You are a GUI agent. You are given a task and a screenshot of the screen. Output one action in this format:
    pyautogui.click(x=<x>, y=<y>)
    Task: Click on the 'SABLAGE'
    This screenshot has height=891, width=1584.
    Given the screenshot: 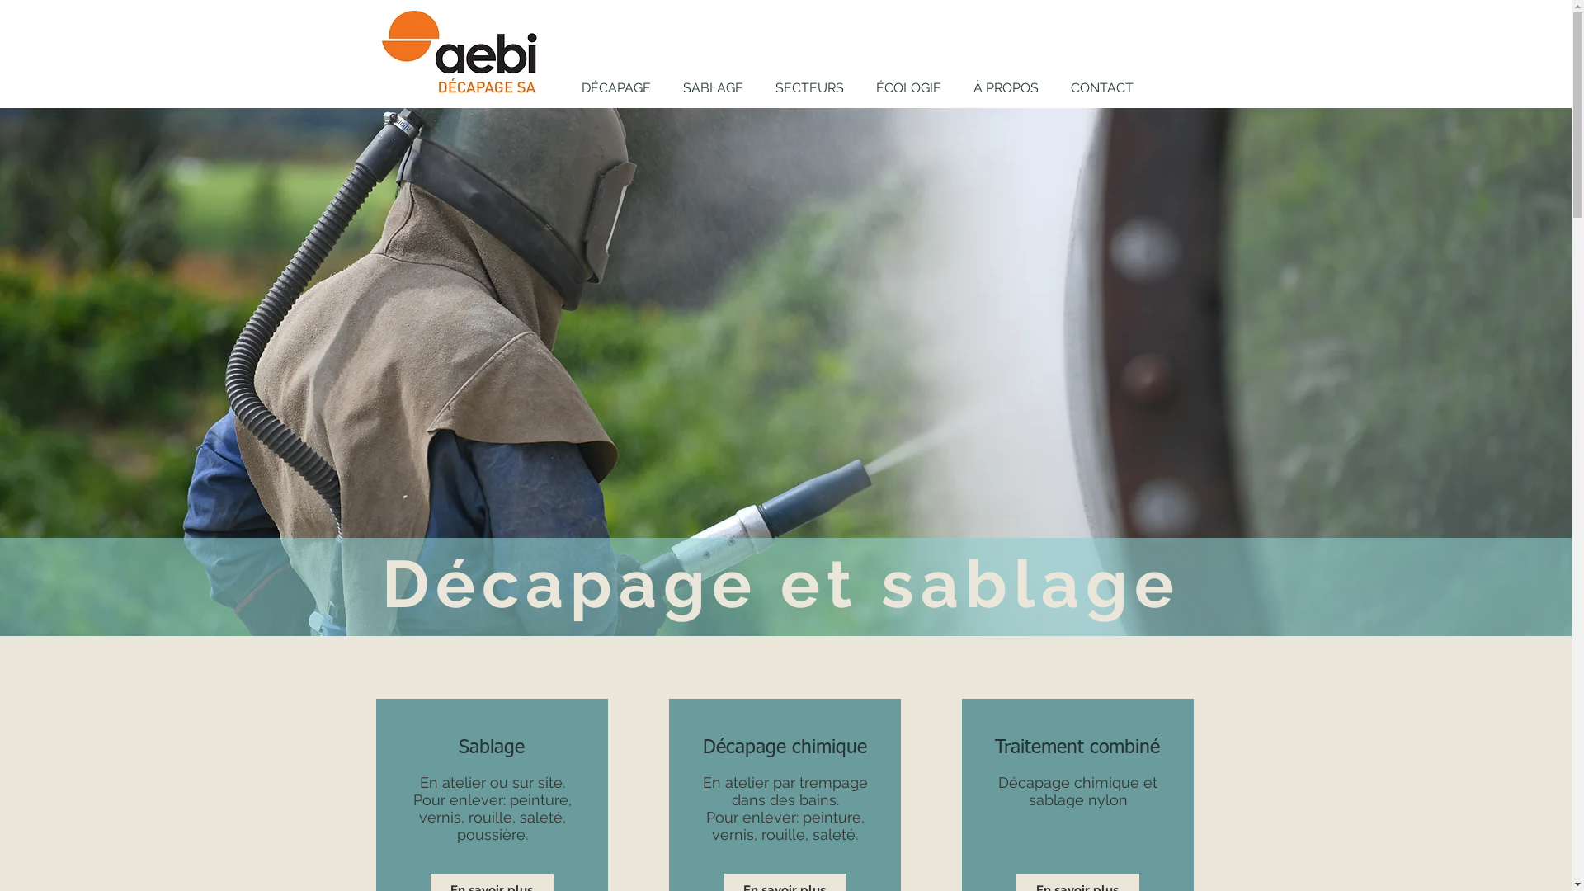 What is the action you would take?
    pyautogui.click(x=713, y=88)
    